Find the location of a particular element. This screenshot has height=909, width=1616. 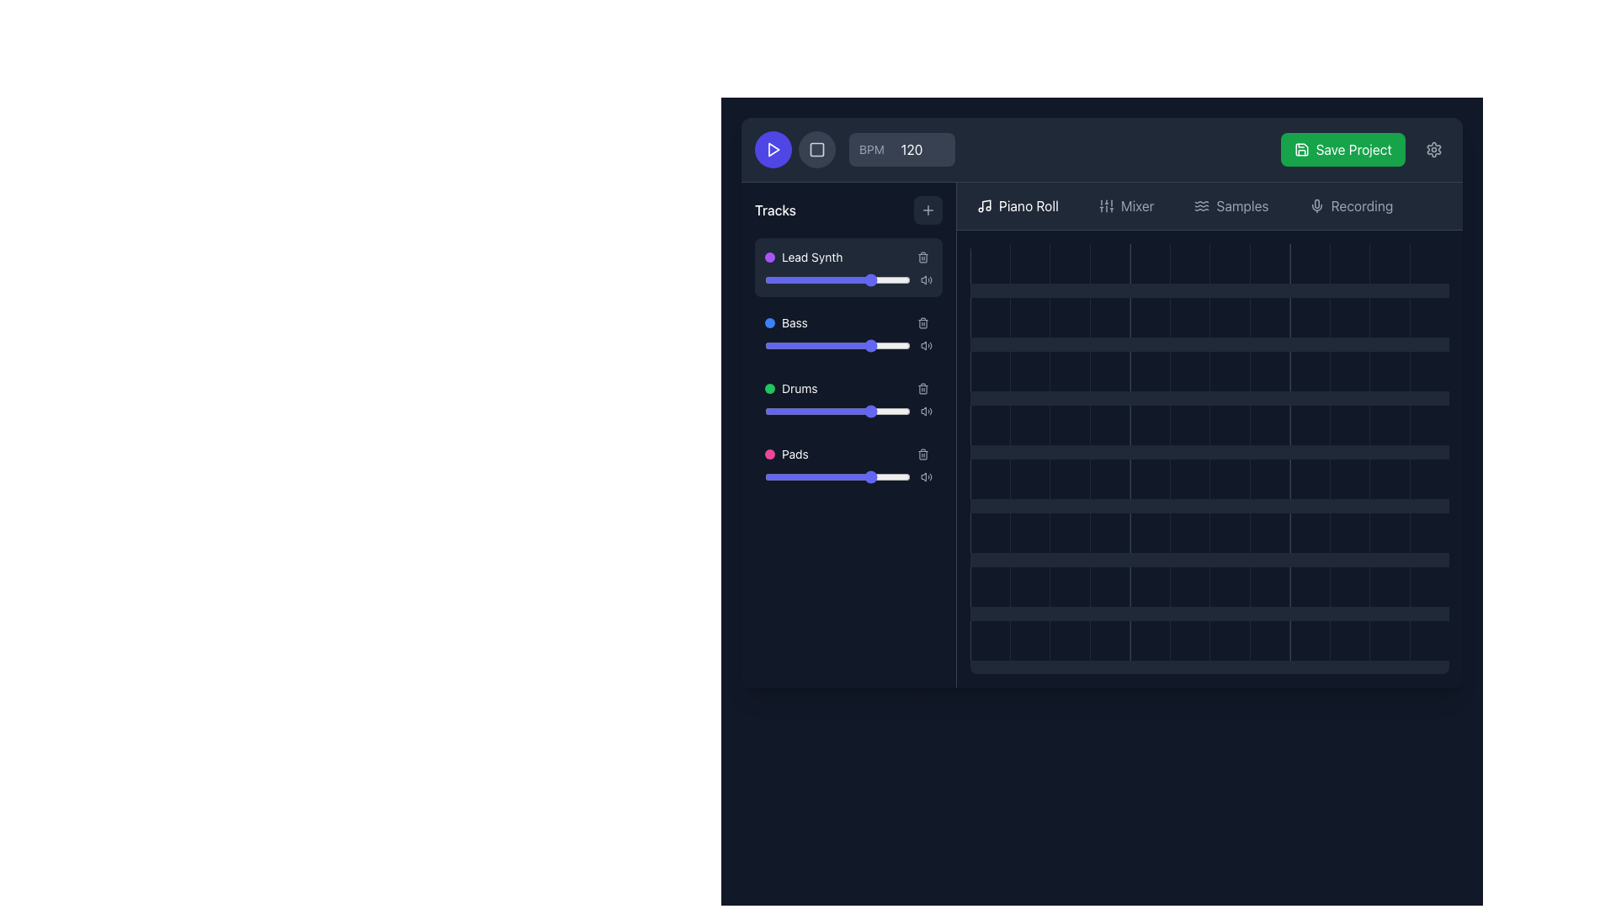

the play button, which is a triangular play icon with rounded corners located in a circular violet gradient button at the top-left corner of the application interface is located at coordinates (772, 148).